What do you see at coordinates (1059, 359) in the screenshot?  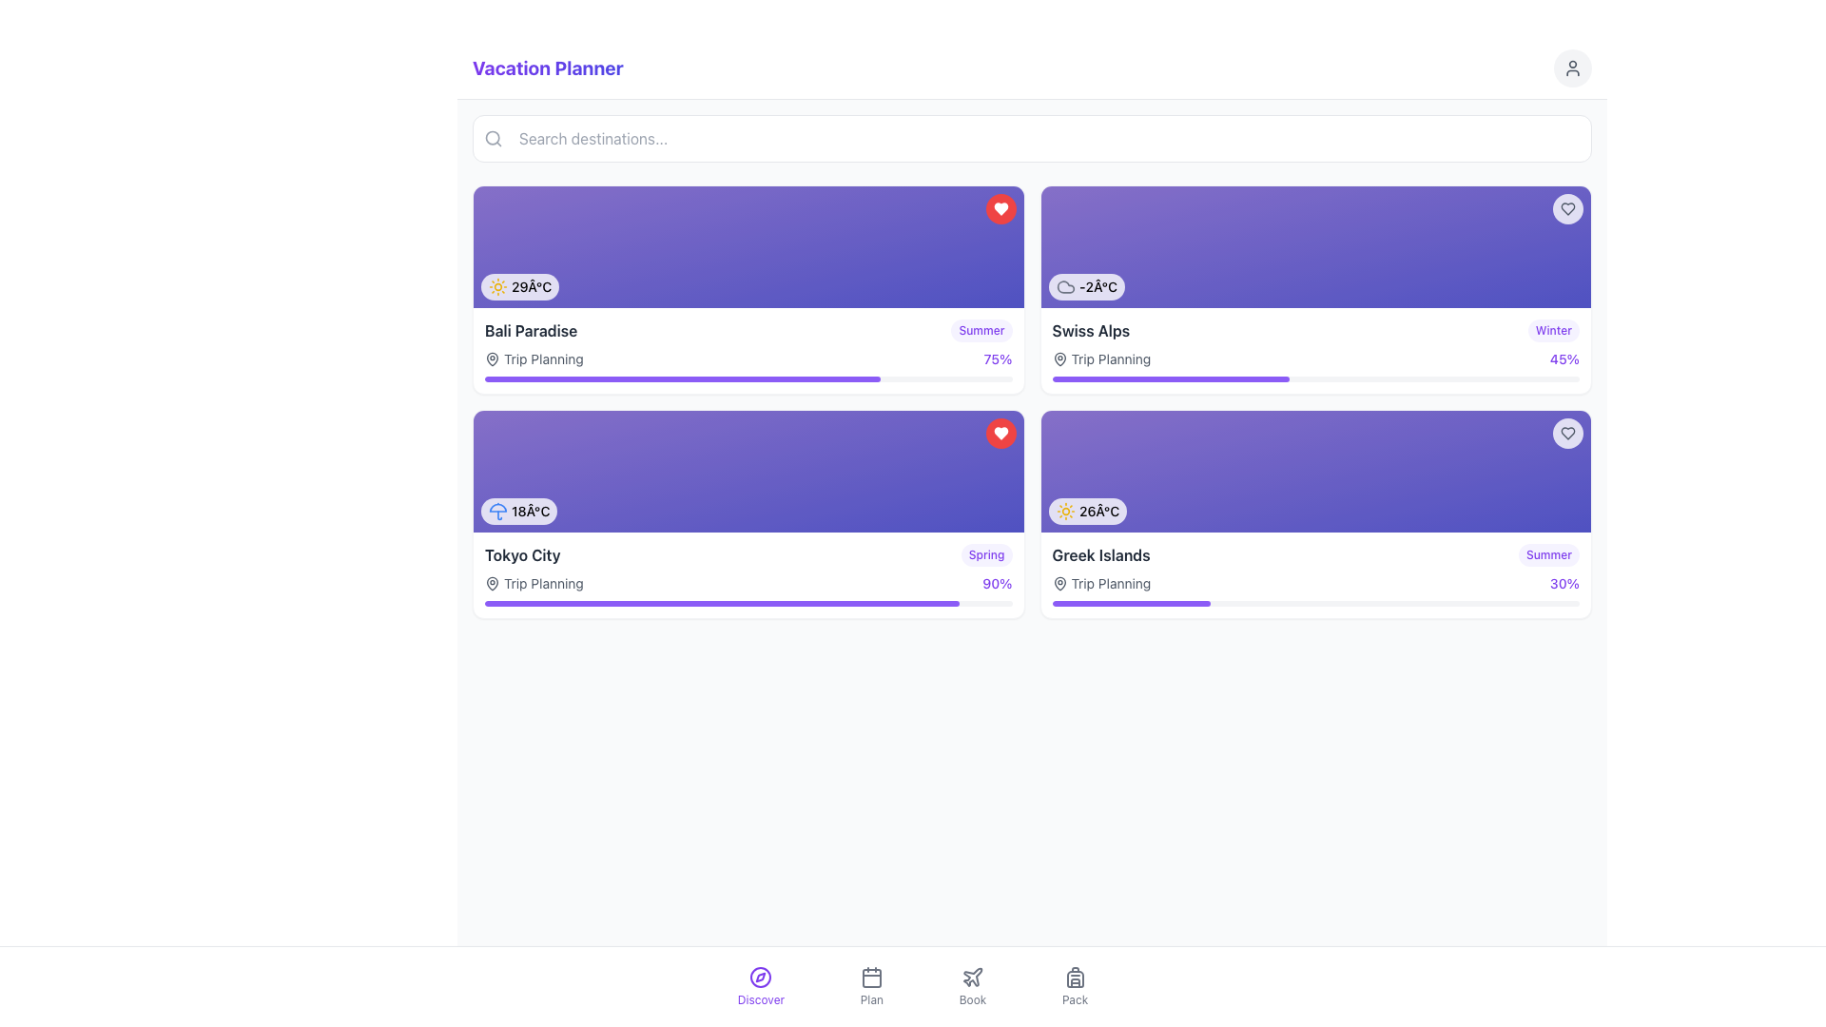 I see `the map marker icon located below the weather information and temperature icon in the 'Swiss Alps' card` at bounding box center [1059, 359].